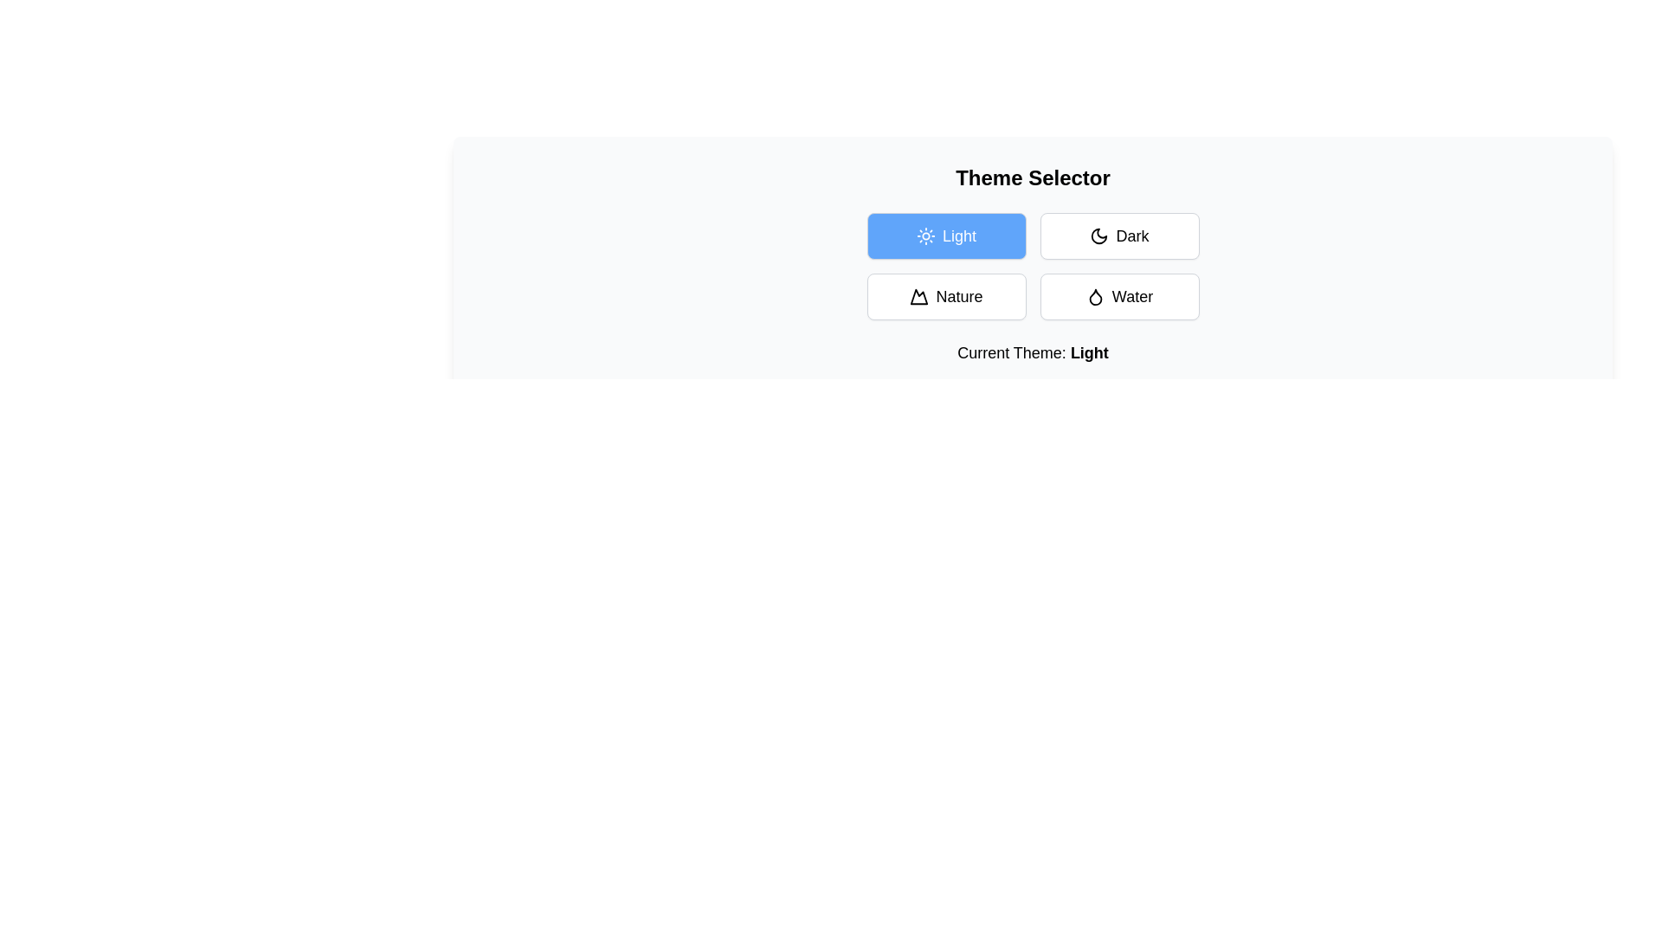 The image size is (1662, 935). What do you see at coordinates (945, 236) in the screenshot?
I see `the button labeled 'Light' with a sun-like icon to observe hover effects` at bounding box center [945, 236].